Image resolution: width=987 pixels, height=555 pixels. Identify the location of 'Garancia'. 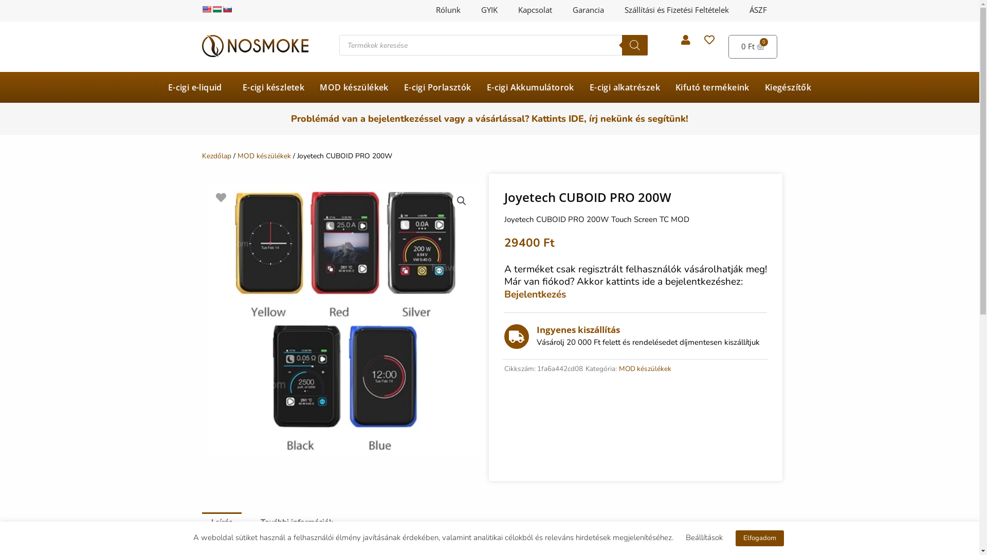
(562, 10).